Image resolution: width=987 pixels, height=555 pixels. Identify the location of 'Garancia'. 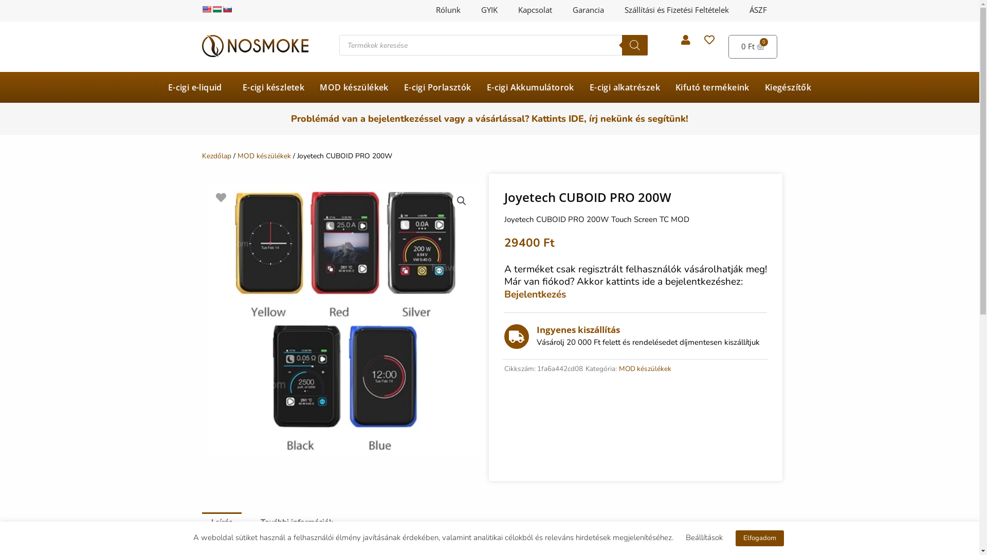
(562, 10).